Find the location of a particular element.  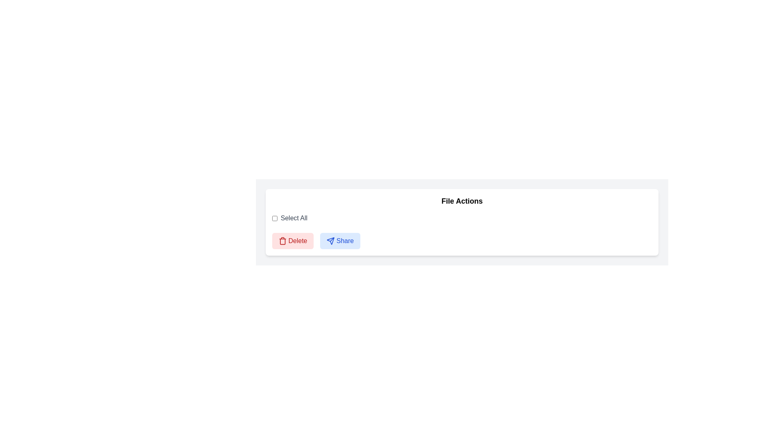

the 'Select All' label, which is a small gray text element positioned to the right of a checkbox within a card-like panel is located at coordinates (293, 217).